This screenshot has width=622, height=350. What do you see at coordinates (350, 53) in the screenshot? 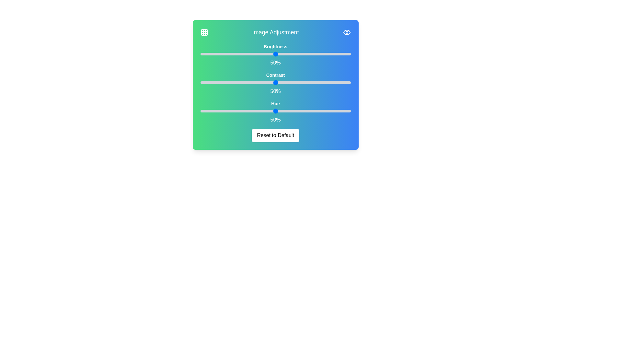
I see `the 0 slider to 50%` at bounding box center [350, 53].